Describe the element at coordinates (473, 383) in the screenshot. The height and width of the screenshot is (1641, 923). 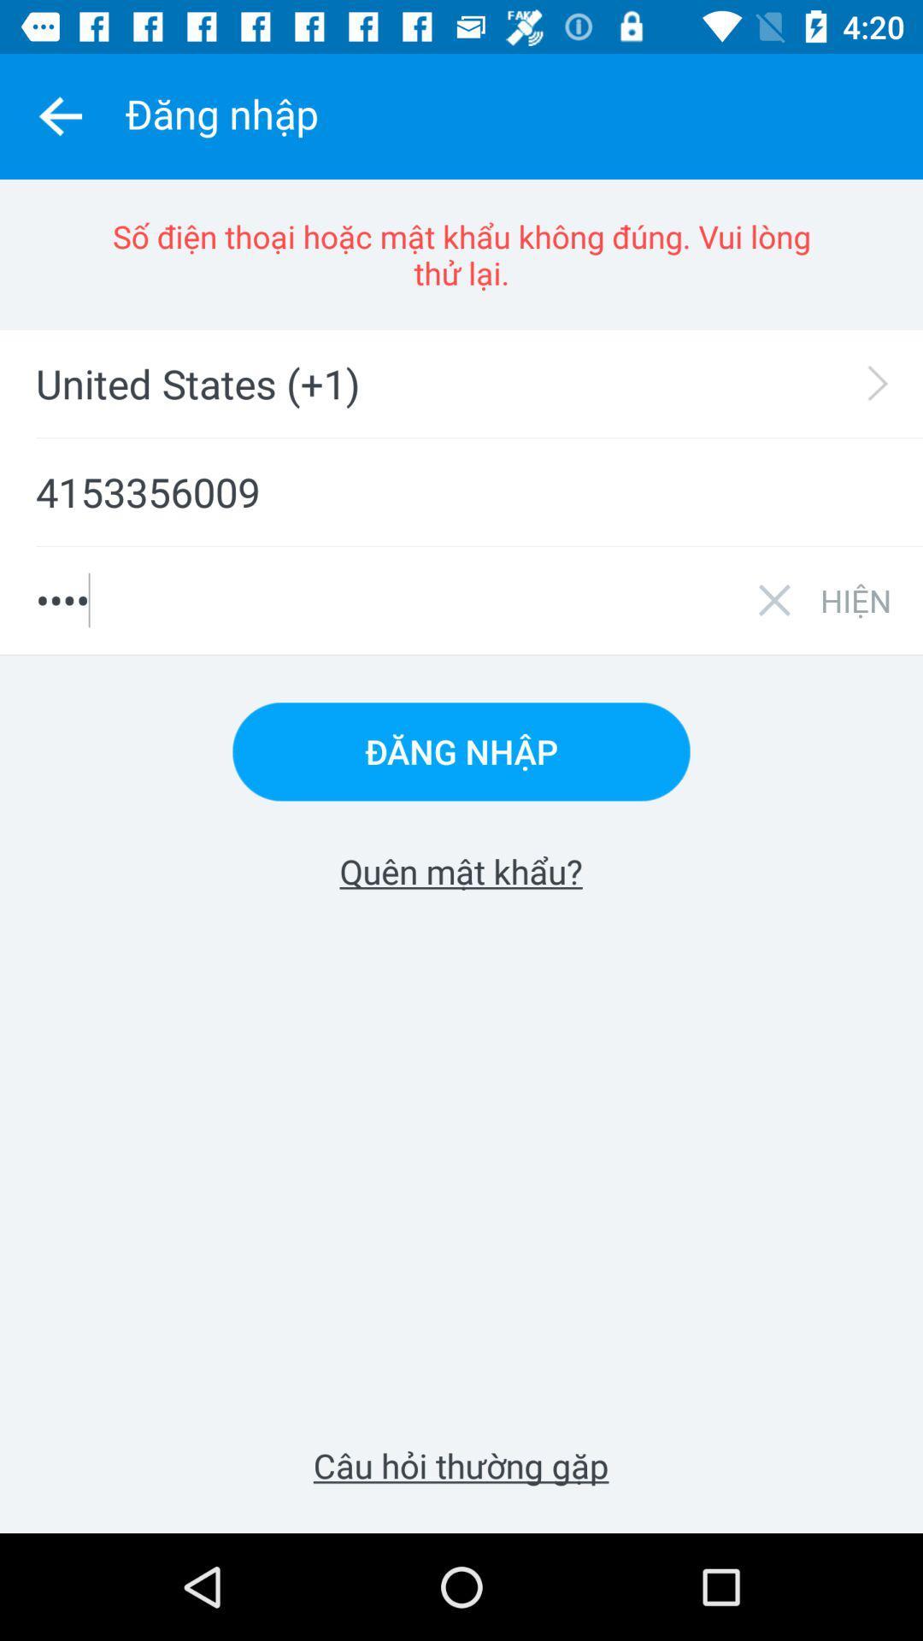
I see `united states (+1)` at that location.